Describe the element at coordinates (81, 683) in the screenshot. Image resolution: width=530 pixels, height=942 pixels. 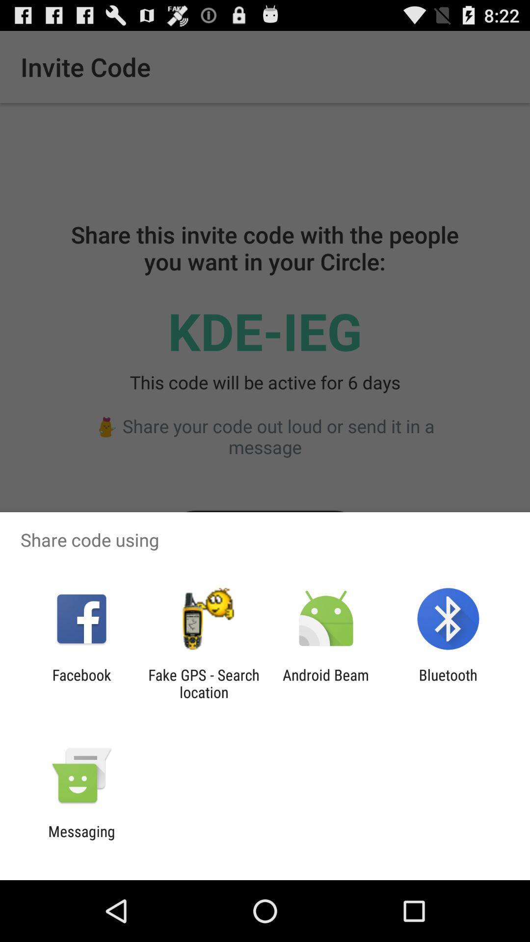
I see `app next to the fake gps search` at that location.